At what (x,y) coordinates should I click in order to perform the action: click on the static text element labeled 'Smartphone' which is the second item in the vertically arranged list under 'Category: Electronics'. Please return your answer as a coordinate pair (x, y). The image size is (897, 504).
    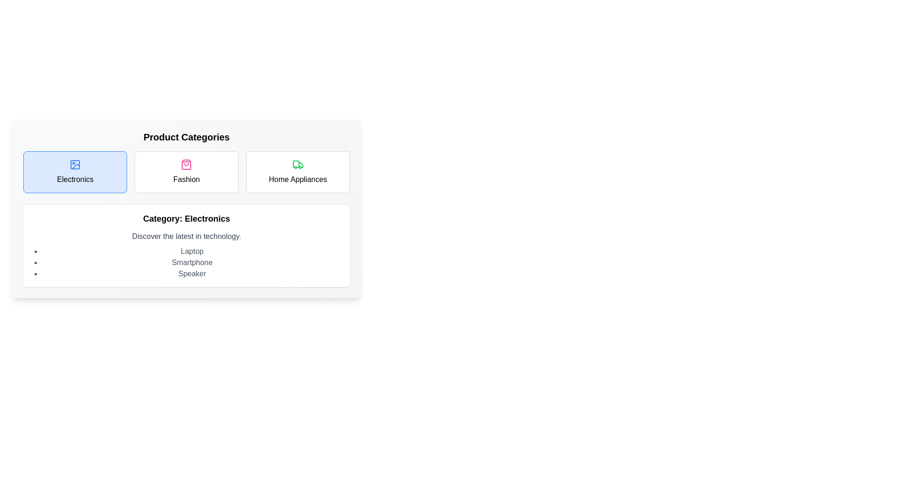
    Looking at the image, I should click on (192, 263).